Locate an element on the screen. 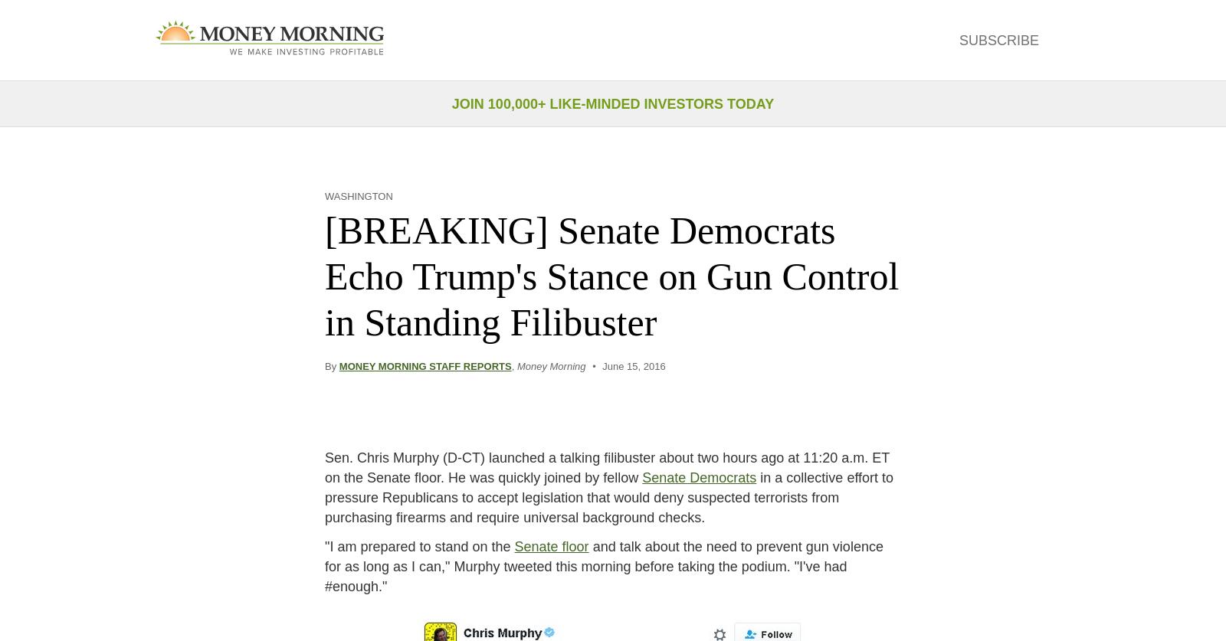 Image resolution: width=1226 pixels, height=641 pixels. '[BREAKING] Senate Democrats Echo Trump's Stance on Gun Control in Standing Filibuster' is located at coordinates (611, 276).